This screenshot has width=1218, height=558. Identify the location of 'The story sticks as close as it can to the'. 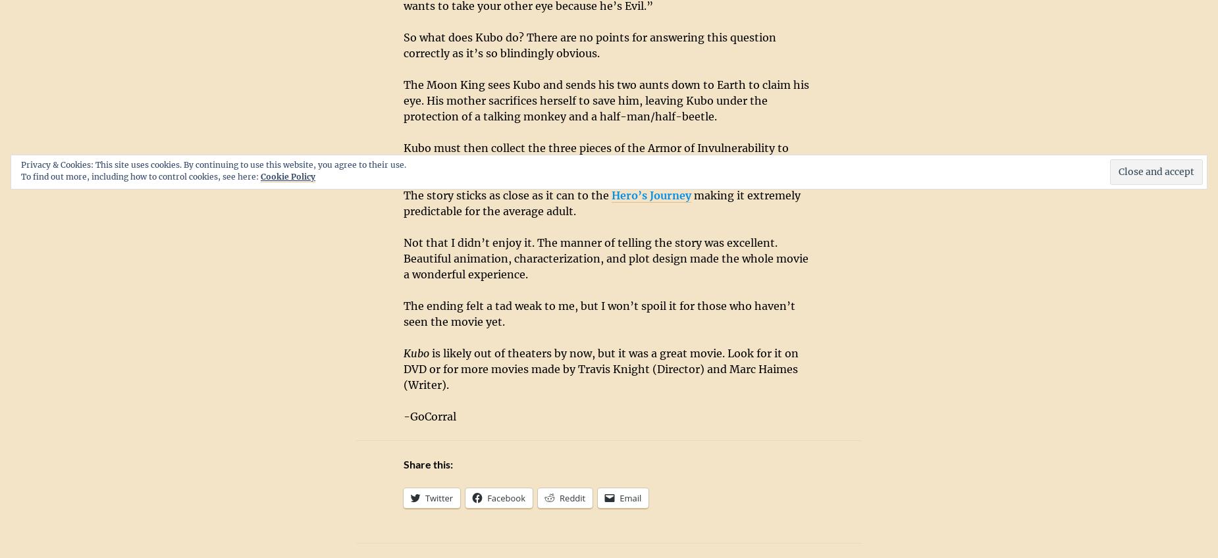
(508, 195).